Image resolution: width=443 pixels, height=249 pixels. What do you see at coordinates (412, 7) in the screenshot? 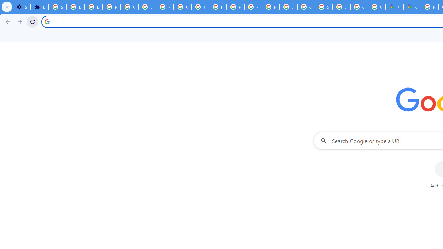
I see `'Google Maps'` at bounding box center [412, 7].